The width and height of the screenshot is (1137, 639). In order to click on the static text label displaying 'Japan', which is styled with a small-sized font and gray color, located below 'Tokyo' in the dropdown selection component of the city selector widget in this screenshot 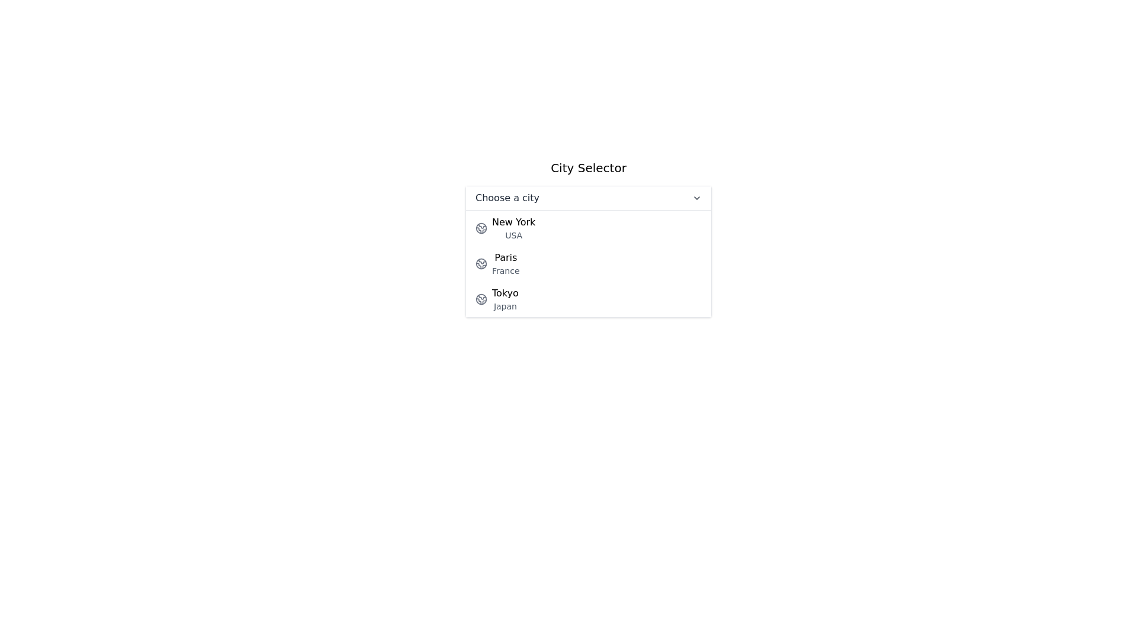, I will do `click(505, 305)`.